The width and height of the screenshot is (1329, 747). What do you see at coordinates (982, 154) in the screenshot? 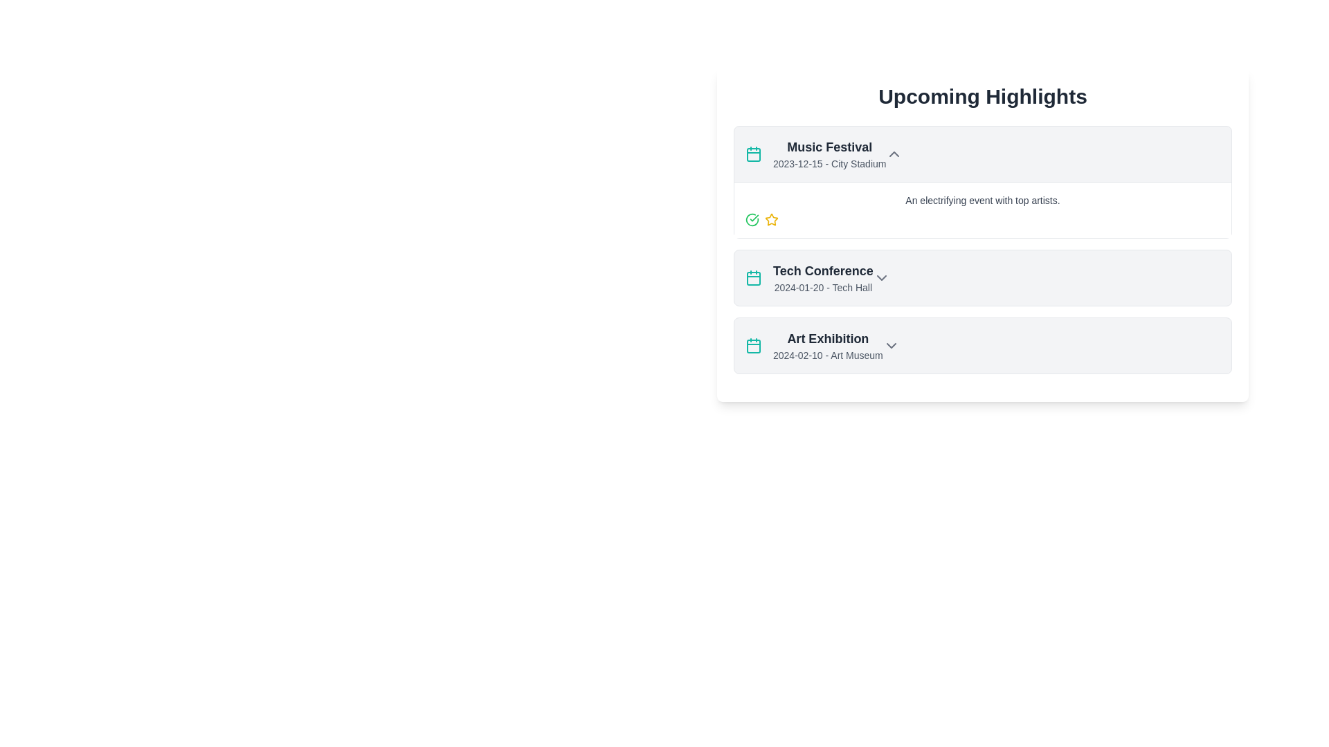
I see `the first list item in the 'Upcoming Highlights' card that displays event details including title, date, and location` at bounding box center [982, 154].